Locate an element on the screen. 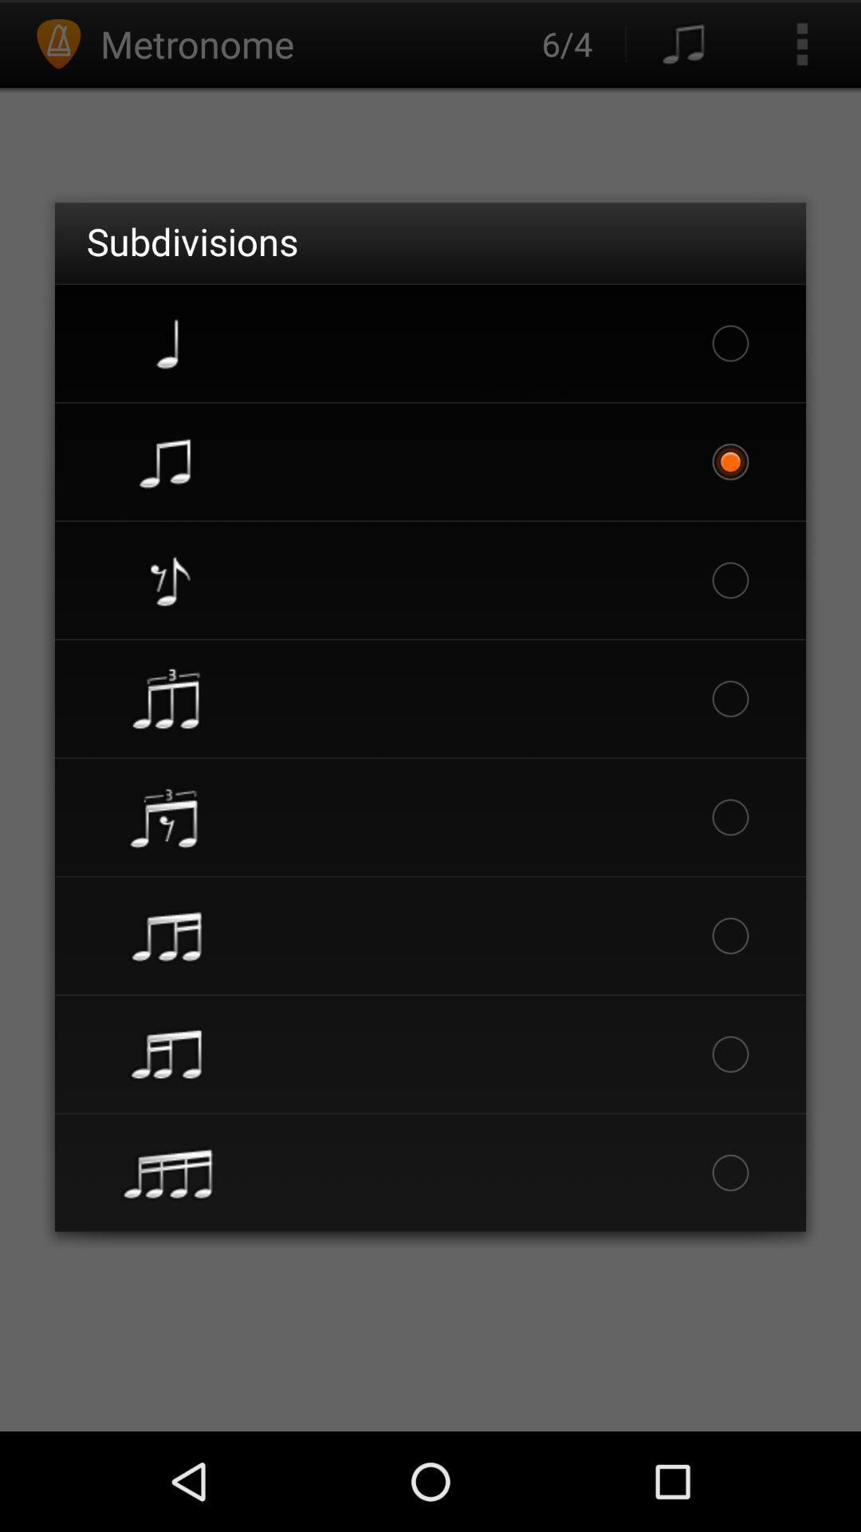 This screenshot has width=861, height=1532. subdivisions icon is located at coordinates (191, 240).